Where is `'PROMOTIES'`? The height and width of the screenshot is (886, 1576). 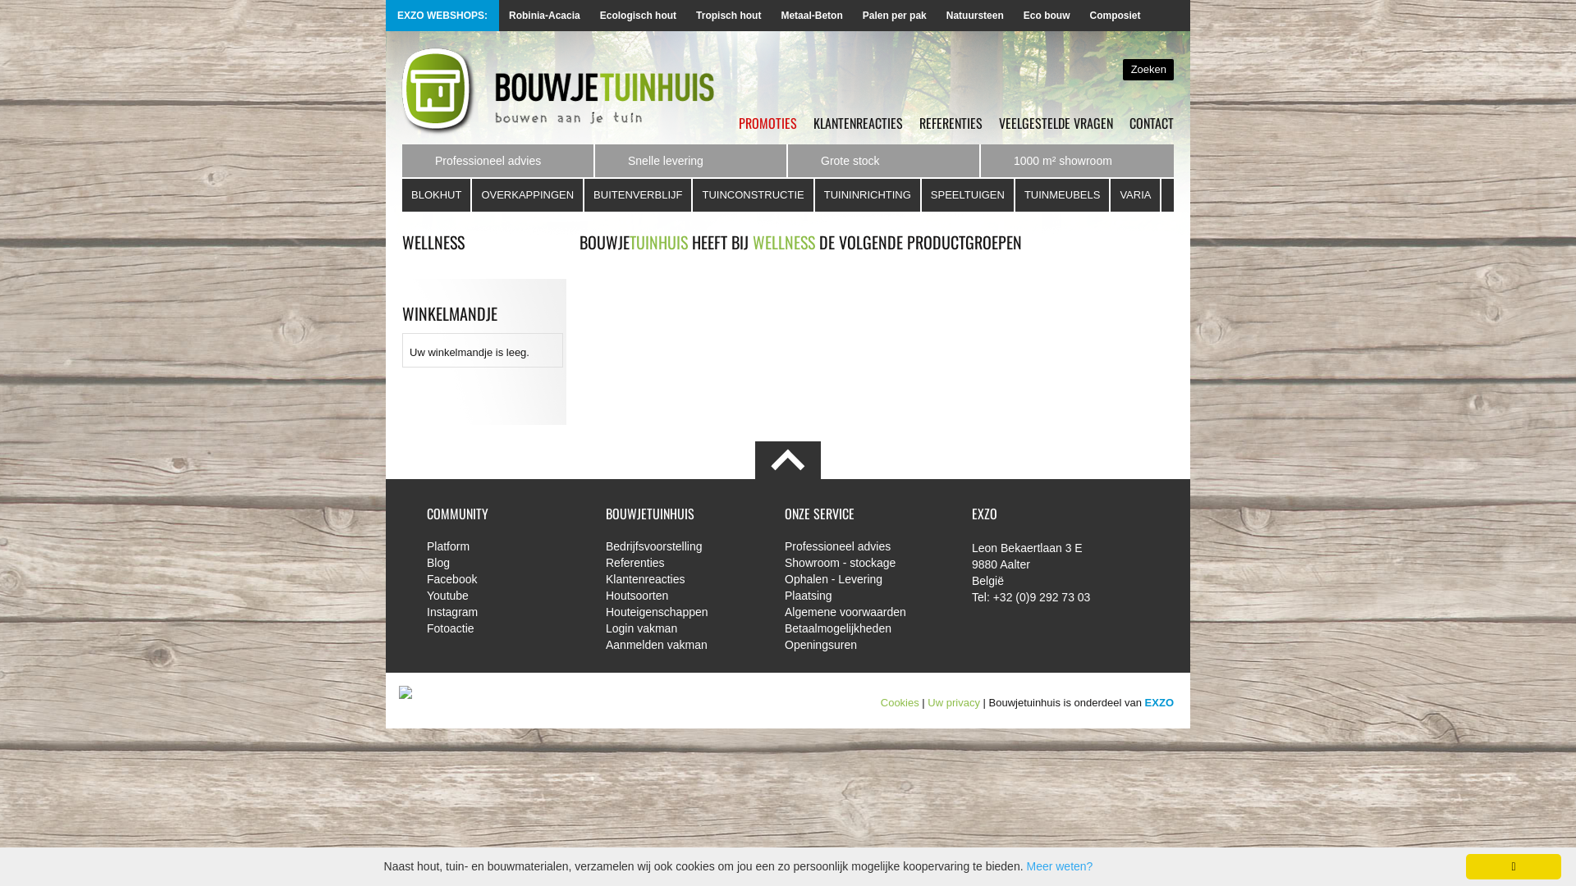 'PROMOTIES' is located at coordinates (767, 122).